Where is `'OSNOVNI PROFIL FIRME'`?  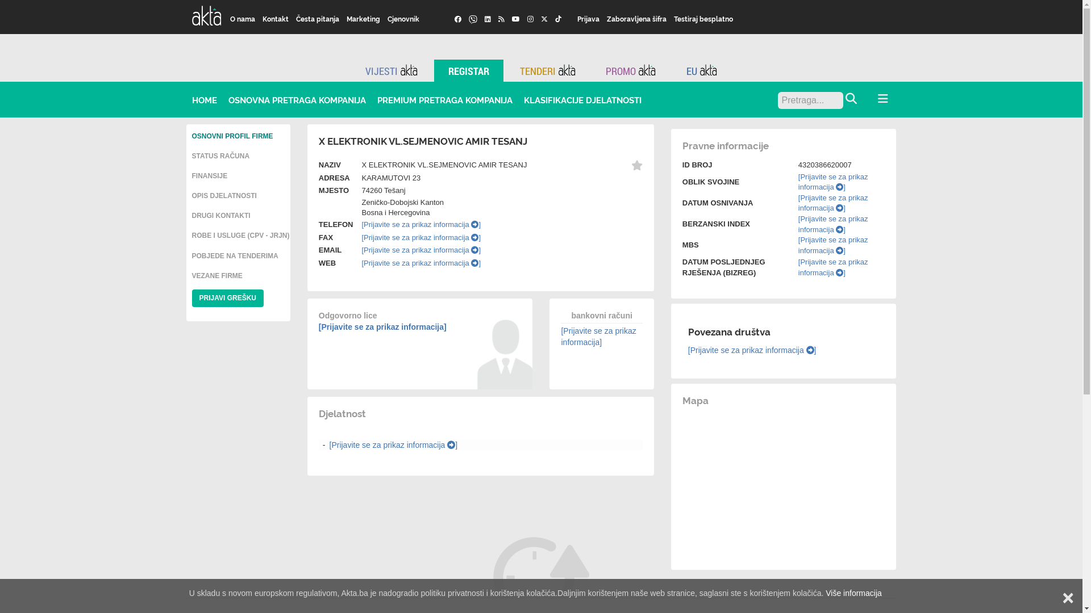
'OSNOVNI PROFIL FIRME' is located at coordinates (191, 135).